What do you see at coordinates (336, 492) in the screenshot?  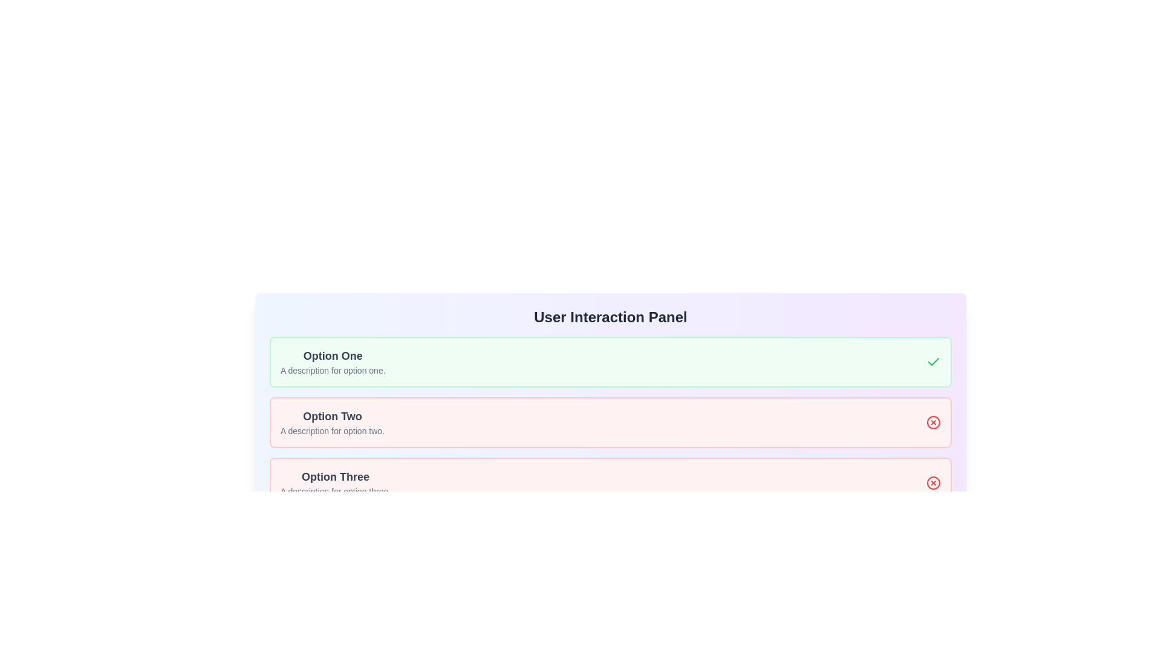 I see `the text label that contains the description 'A description for option three.', which is styled in gray and positioned below the bold title 'Option Three'` at bounding box center [336, 492].